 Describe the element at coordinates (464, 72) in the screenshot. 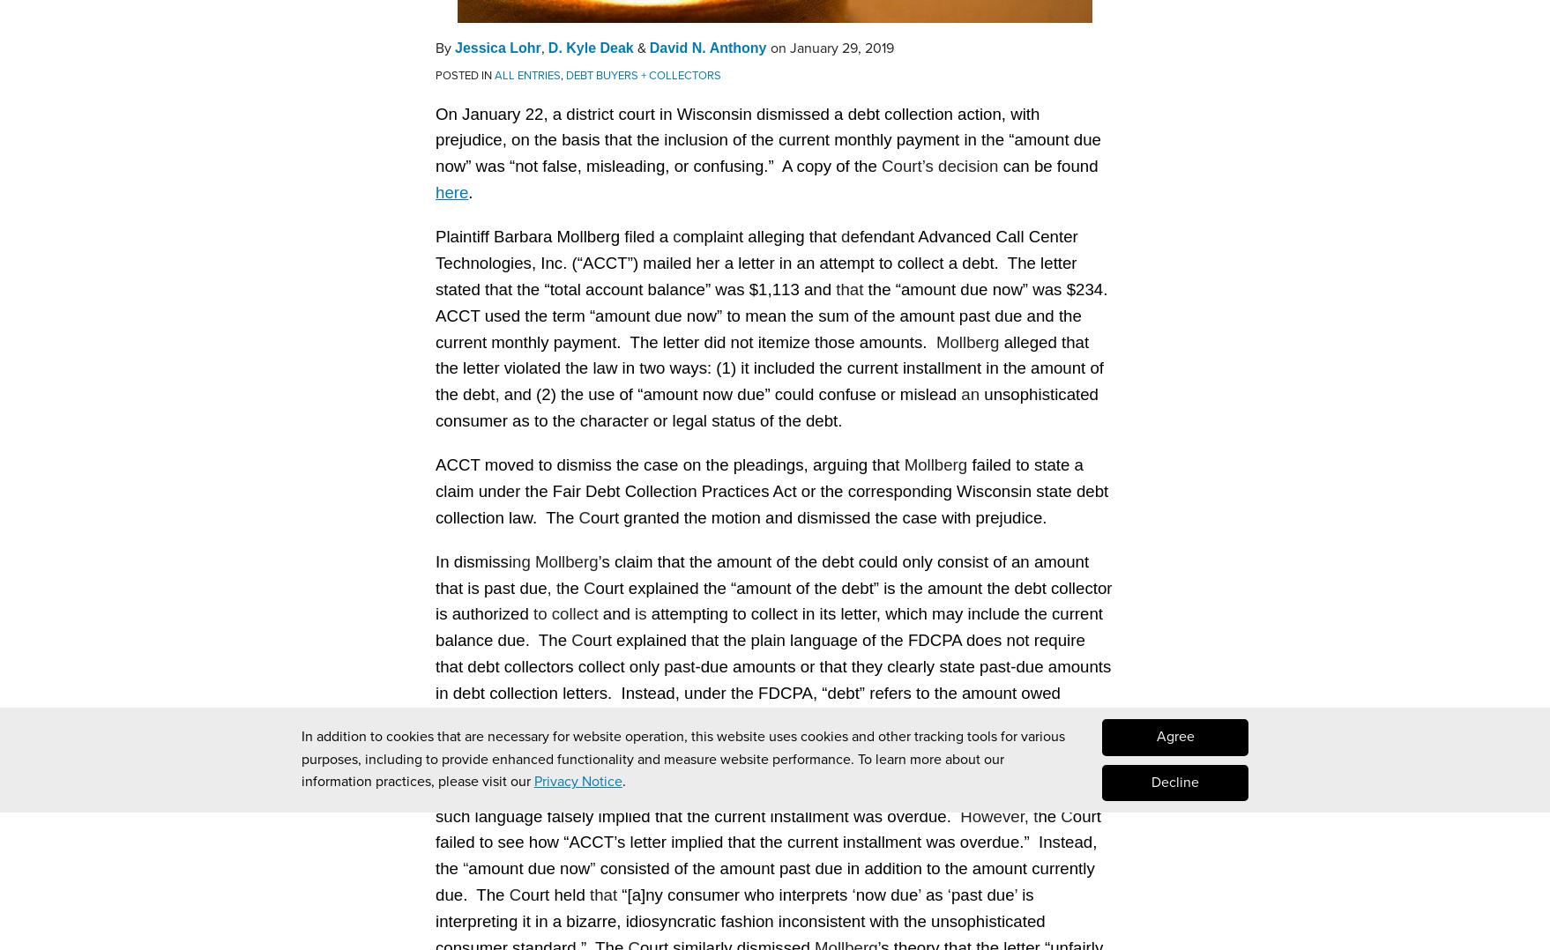

I see `'Posted in'` at that location.